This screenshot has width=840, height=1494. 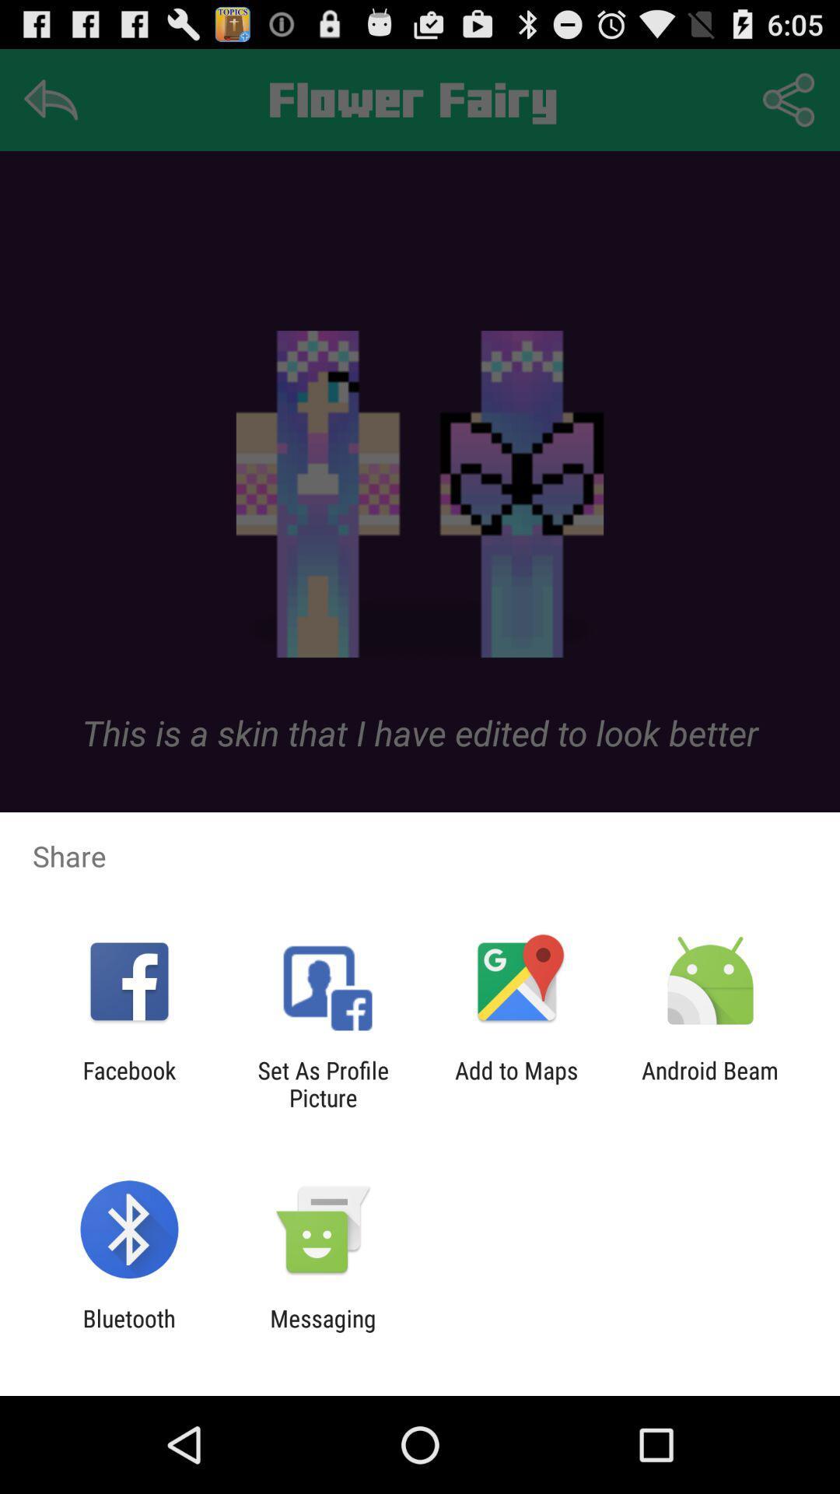 What do you see at coordinates (128, 1083) in the screenshot?
I see `icon to the left of the set as profile app` at bounding box center [128, 1083].